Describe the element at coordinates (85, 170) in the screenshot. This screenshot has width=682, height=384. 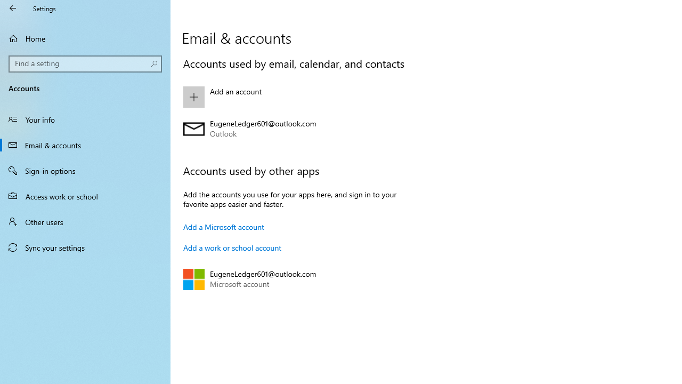
I see `'Sign-in options'` at that location.